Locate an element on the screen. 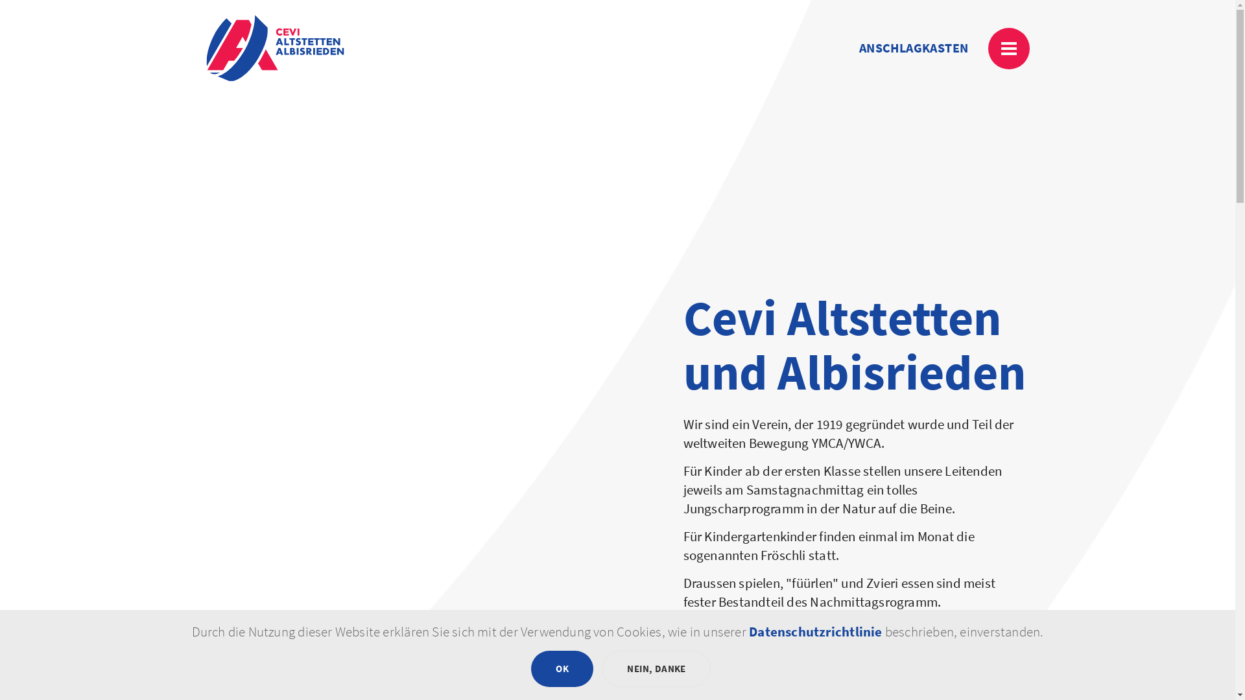 This screenshot has height=700, width=1245. 'NEIN, DANKE' is located at coordinates (656, 669).